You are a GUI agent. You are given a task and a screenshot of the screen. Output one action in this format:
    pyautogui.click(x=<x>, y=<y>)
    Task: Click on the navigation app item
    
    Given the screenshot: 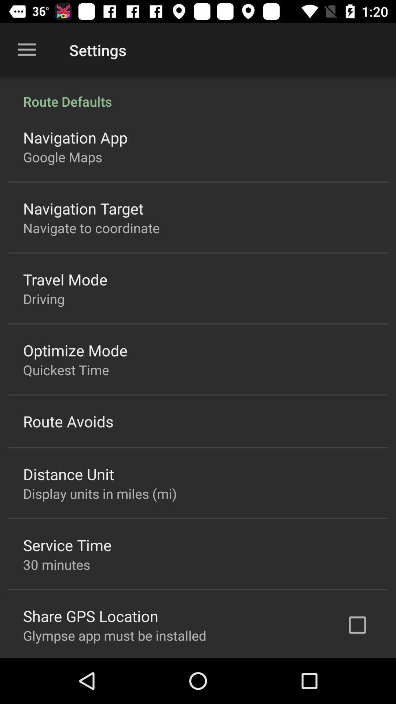 What is the action you would take?
    pyautogui.click(x=75, y=137)
    